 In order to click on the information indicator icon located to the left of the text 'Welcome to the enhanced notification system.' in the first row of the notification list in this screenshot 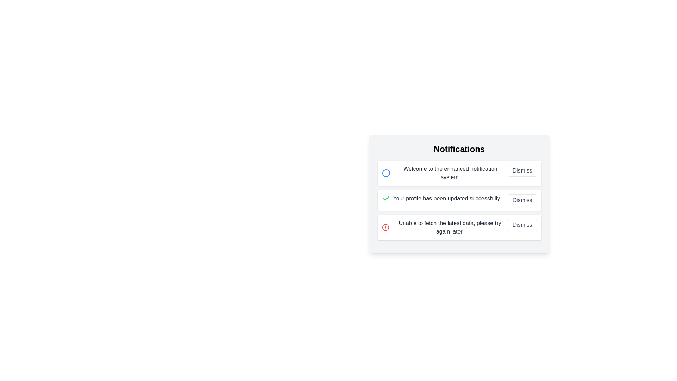, I will do `click(385, 173)`.